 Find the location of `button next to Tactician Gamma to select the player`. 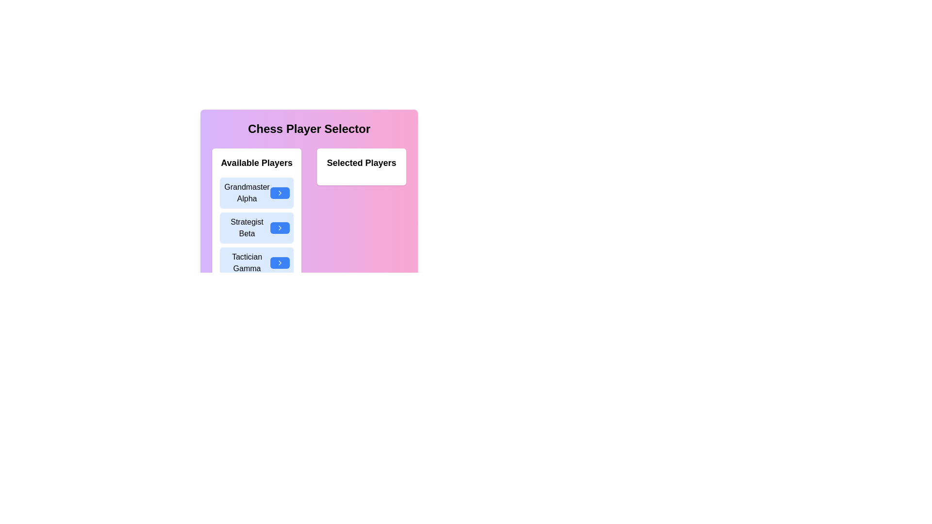

button next to Tactician Gamma to select the player is located at coordinates (279, 263).